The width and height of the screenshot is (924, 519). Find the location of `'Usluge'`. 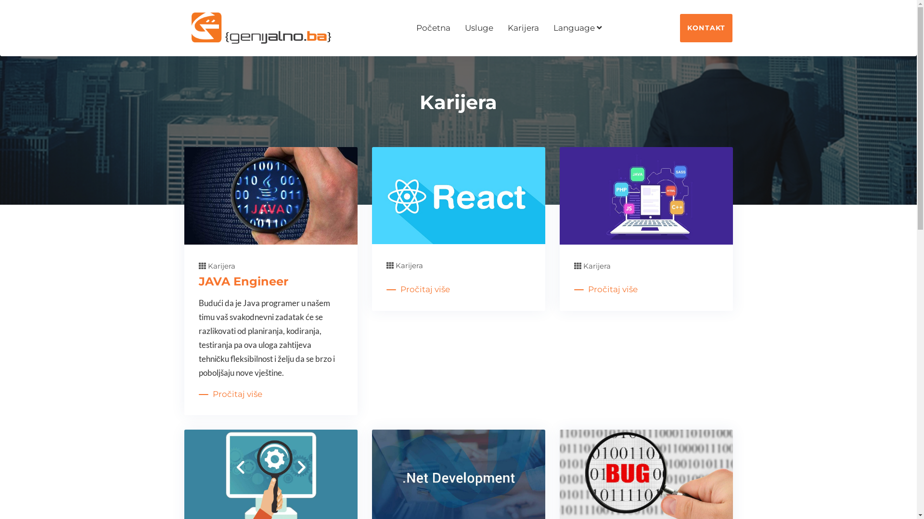

'Usluge' is located at coordinates (479, 27).